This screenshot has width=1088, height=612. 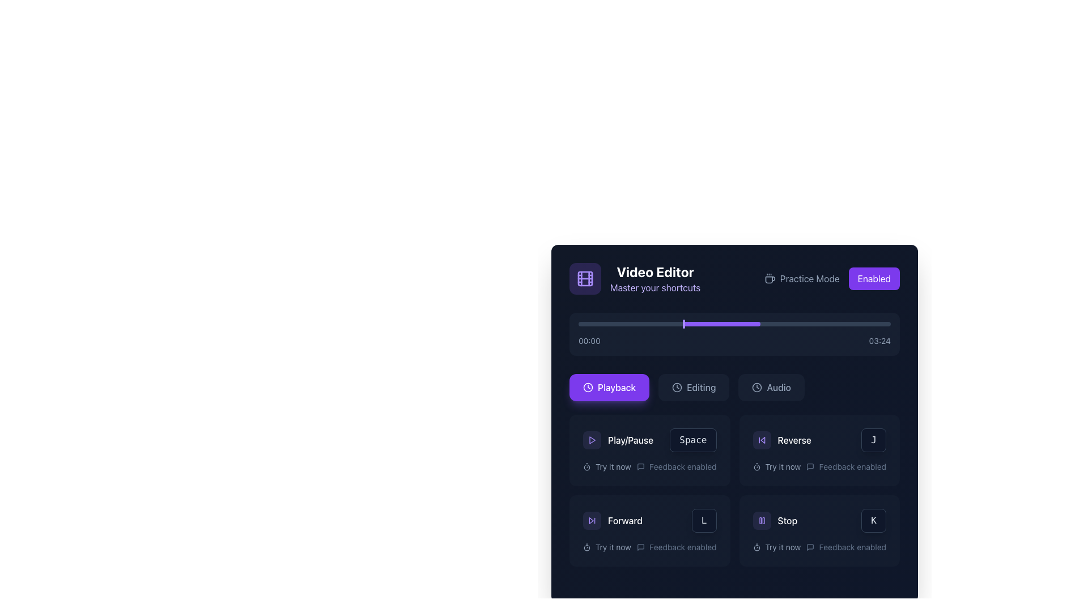 I want to click on the 'Feedback enabled' text label with the accompanying speech bubble icon located below the 'Forward' button in the 'Video Editor' UI section, so click(x=677, y=546).